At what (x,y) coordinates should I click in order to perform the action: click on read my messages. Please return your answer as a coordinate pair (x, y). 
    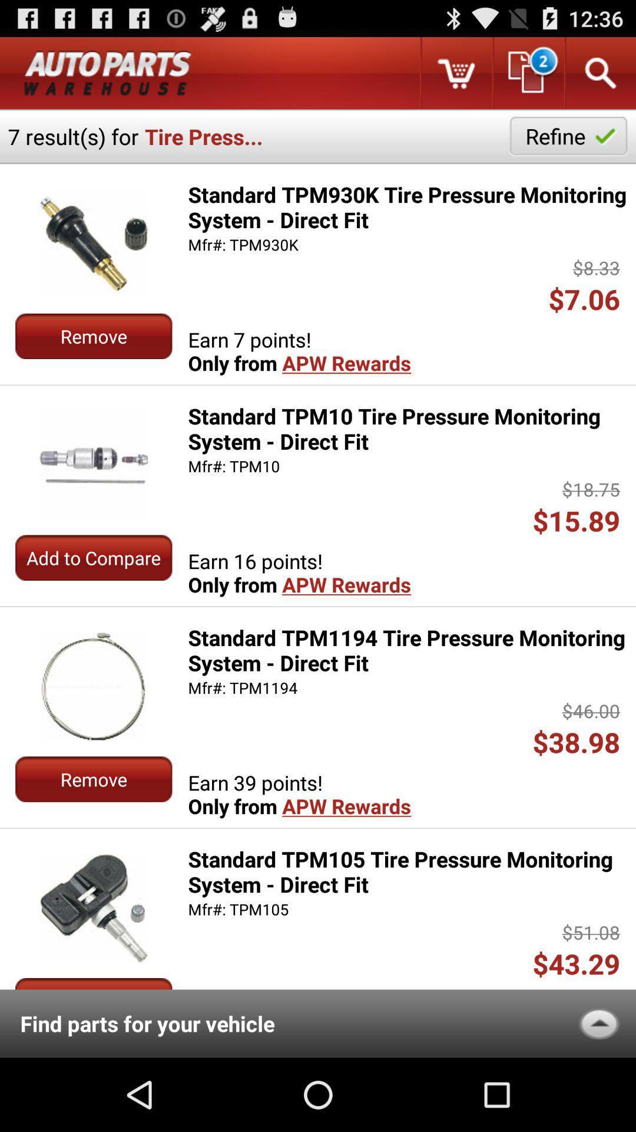
    Looking at the image, I should click on (527, 73).